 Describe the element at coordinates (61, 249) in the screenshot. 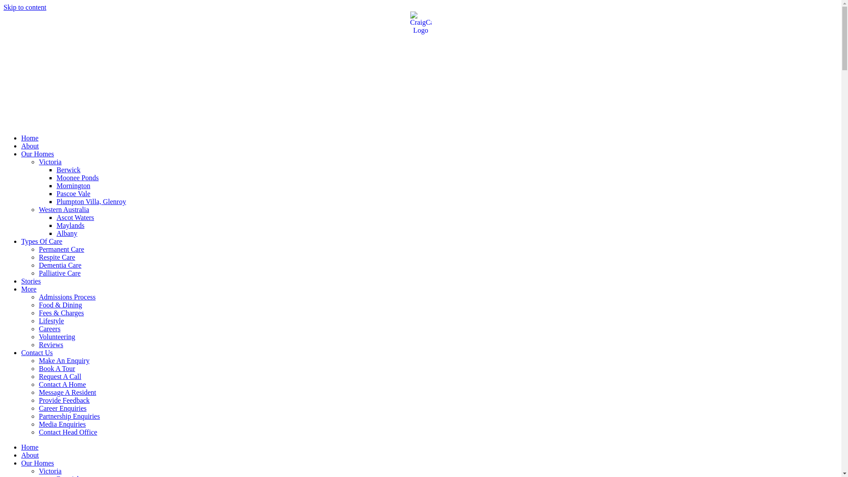

I see `'Permanent Care'` at that location.